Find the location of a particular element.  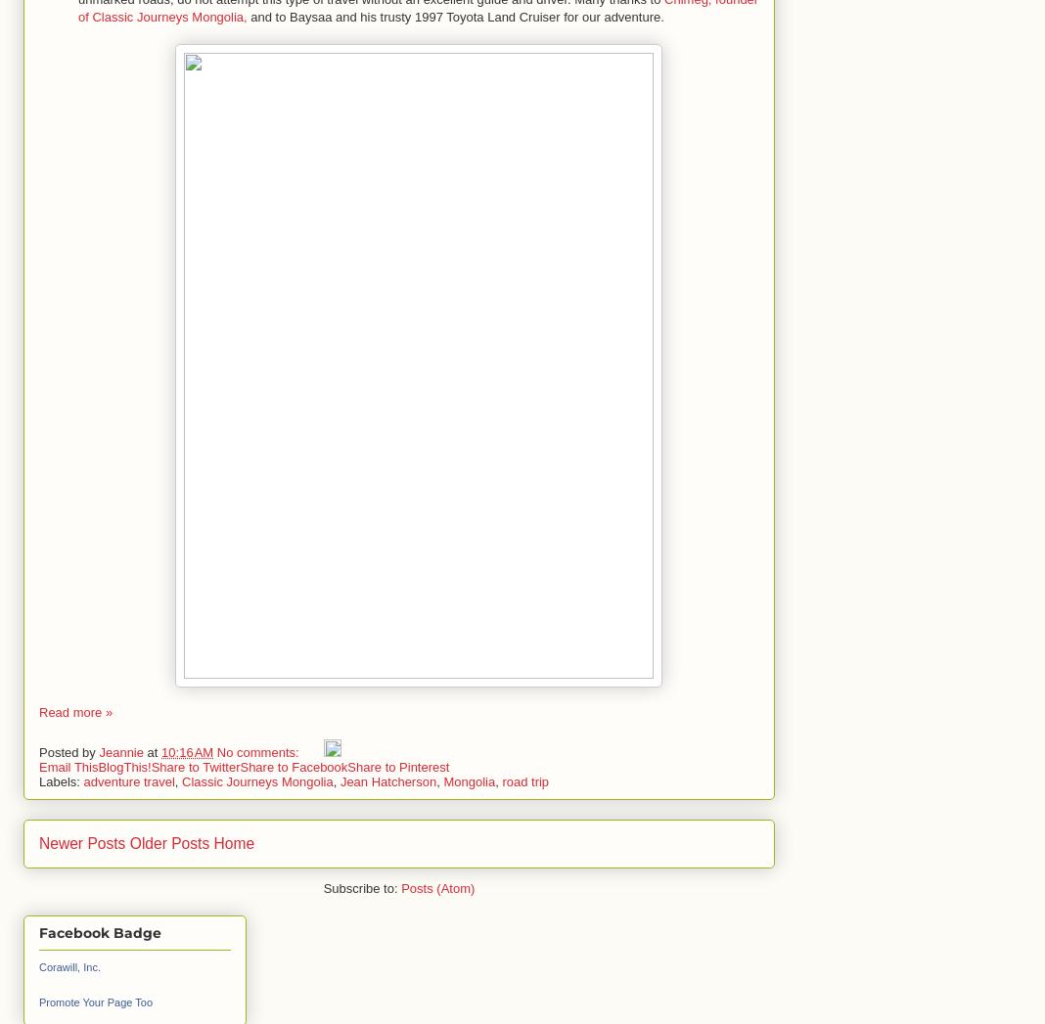

'Share to Twitter' is located at coordinates (195, 765).